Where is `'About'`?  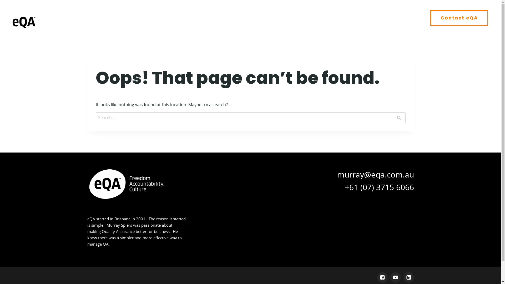
'About' is located at coordinates (255, 18).